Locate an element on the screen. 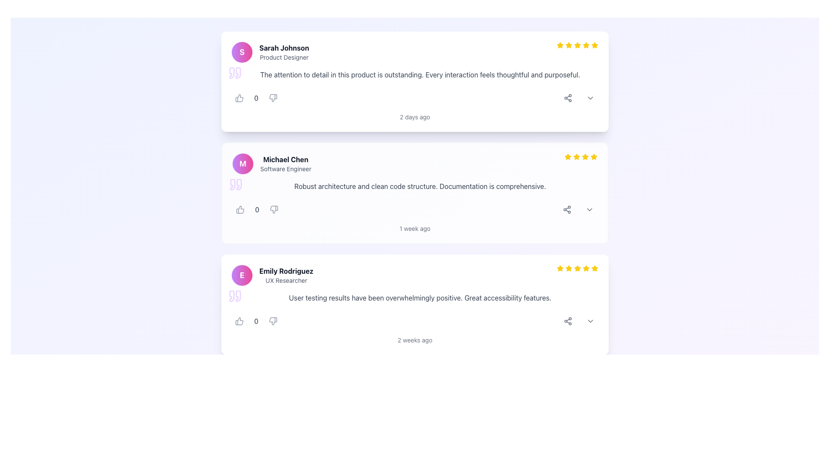 Image resolution: width=830 pixels, height=467 pixels. the small, purple double quotation mark icon adjacent to the first user comment titled 'Sarah Johnson' is located at coordinates (232, 73).